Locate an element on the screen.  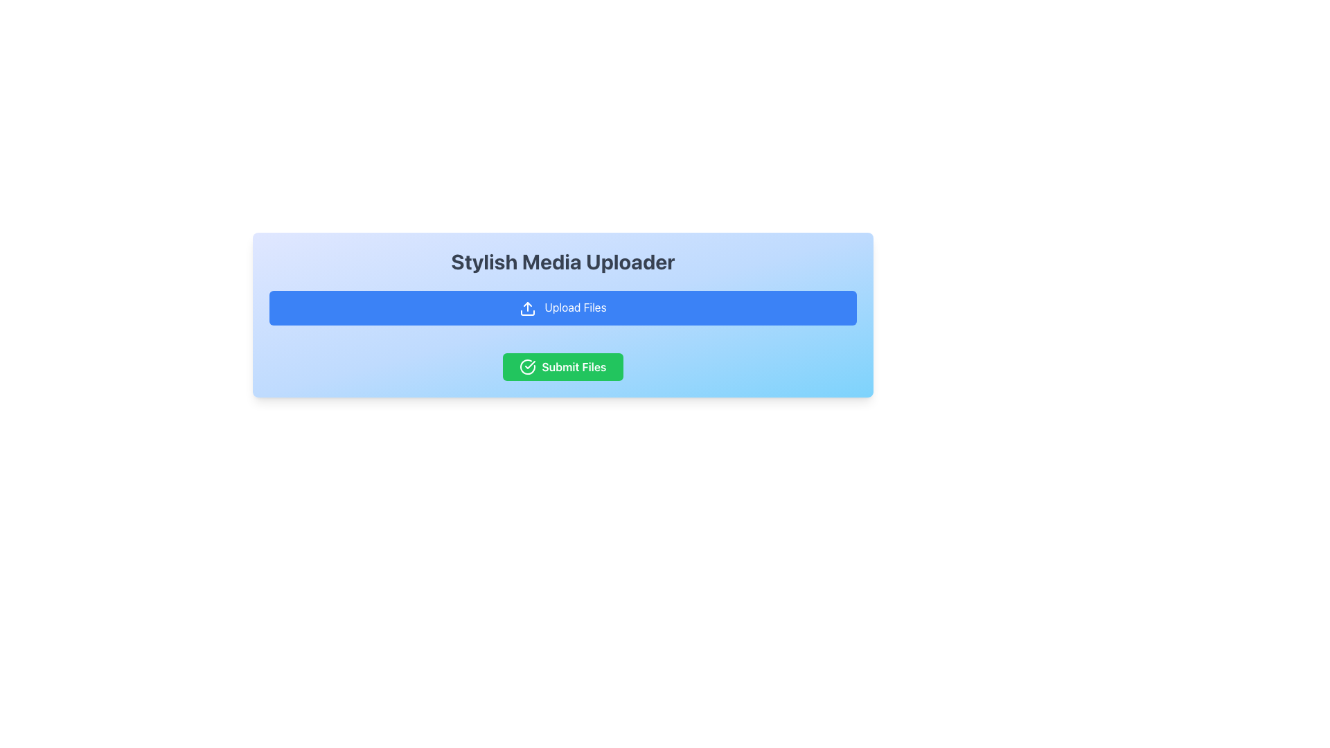
the bottom rectangular portion of the upload symbol icon, which is colored to depict a tray or base, located to the left of the 'Upload Files' button text is located at coordinates (527, 312).